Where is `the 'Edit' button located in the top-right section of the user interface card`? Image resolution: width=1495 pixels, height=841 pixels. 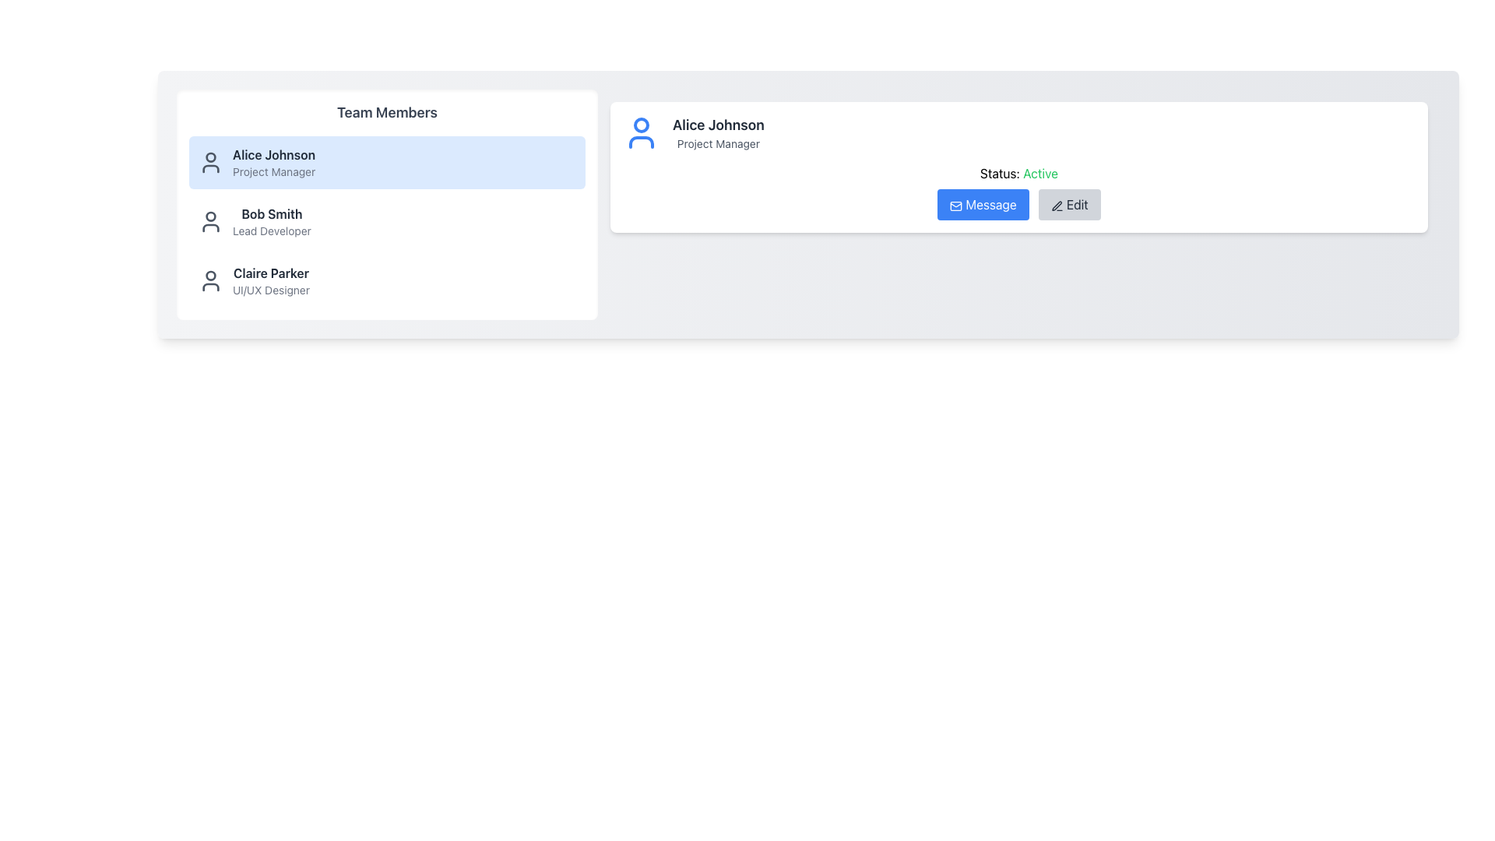
the 'Edit' button located in the top-right section of the user interface card is located at coordinates (1068, 203).